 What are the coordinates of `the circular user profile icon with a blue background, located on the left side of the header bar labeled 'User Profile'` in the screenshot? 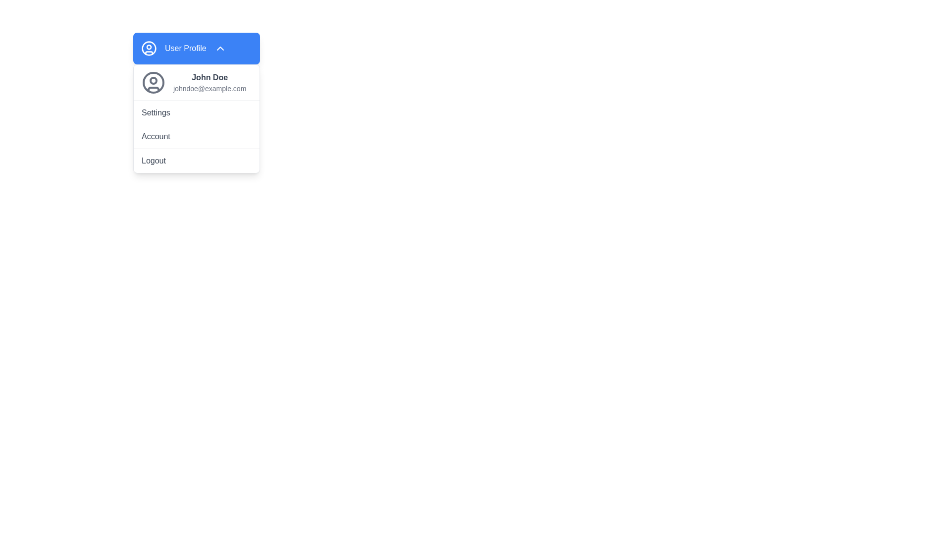 It's located at (149, 48).